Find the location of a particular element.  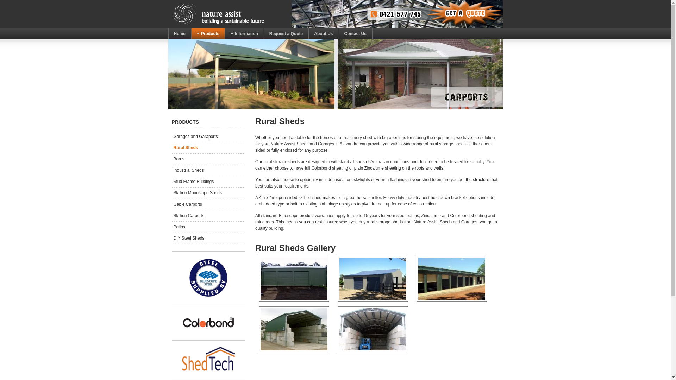

'We use the industry leading ShedTech Software' is located at coordinates (178, 359).